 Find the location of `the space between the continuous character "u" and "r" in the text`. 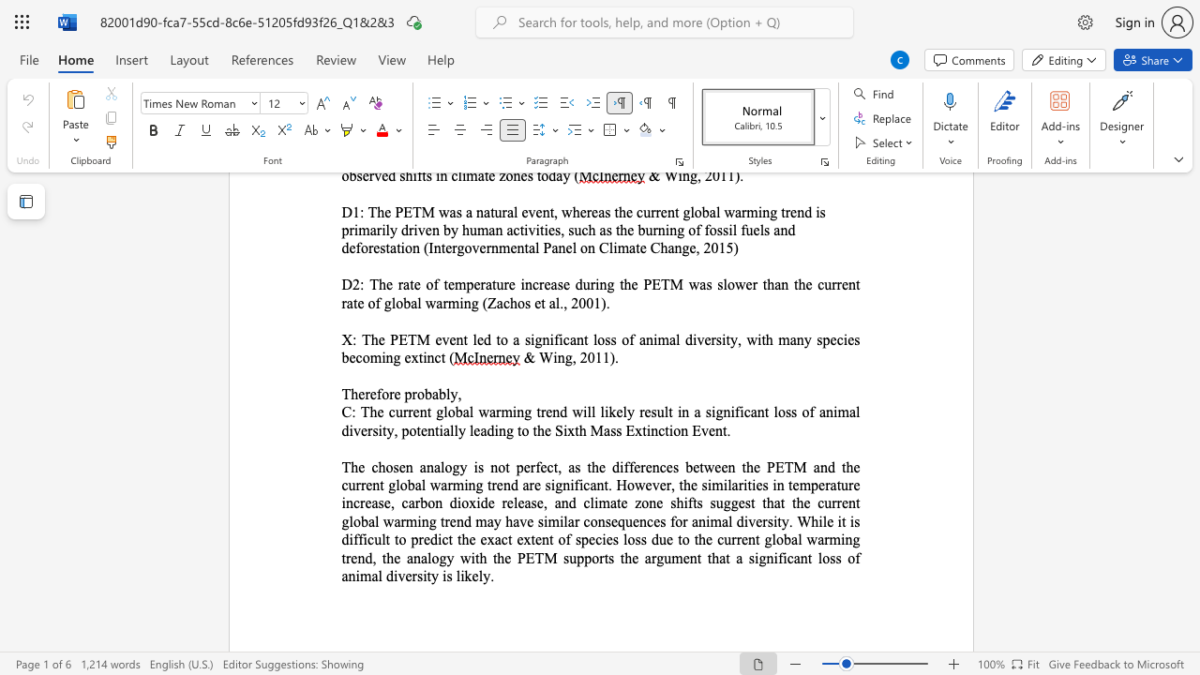

the space between the continuous character "u" and "r" in the text is located at coordinates (401, 411).